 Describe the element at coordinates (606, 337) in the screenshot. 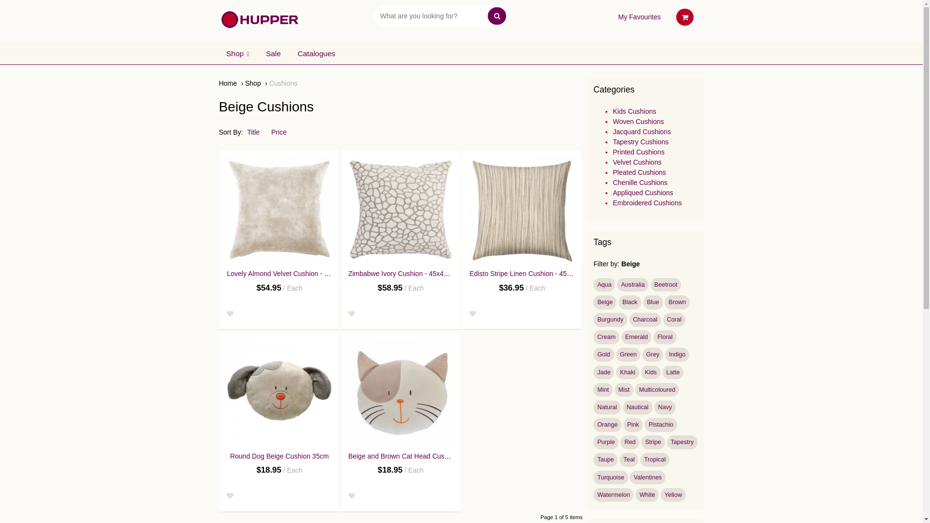

I see `'Cream'` at that location.